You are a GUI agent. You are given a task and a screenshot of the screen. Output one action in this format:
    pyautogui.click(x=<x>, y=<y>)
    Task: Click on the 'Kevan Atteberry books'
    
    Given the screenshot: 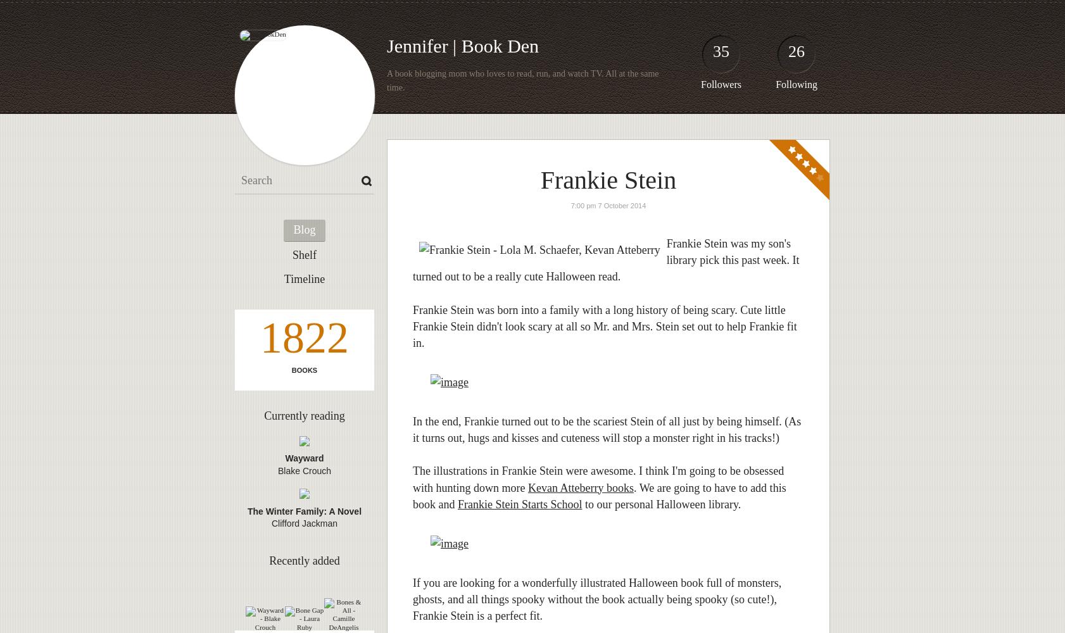 What is the action you would take?
    pyautogui.click(x=527, y=487)
    